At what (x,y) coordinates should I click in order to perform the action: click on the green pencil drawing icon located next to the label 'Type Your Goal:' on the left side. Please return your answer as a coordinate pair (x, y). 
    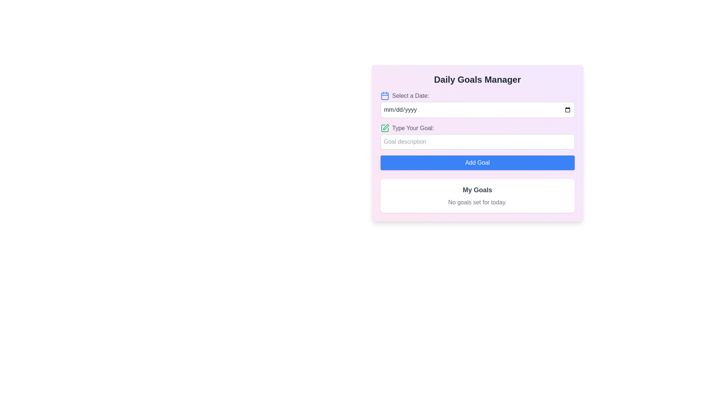
    Looking at the image, I should click on (384, 128).